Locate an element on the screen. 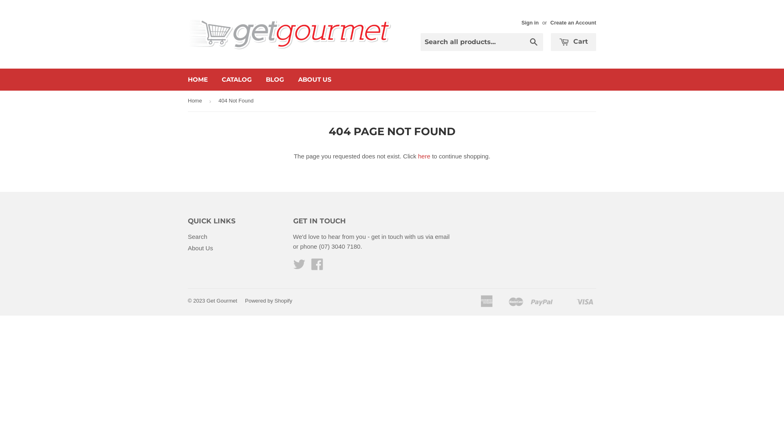  'Cart' is located at coordinates (573, 42).